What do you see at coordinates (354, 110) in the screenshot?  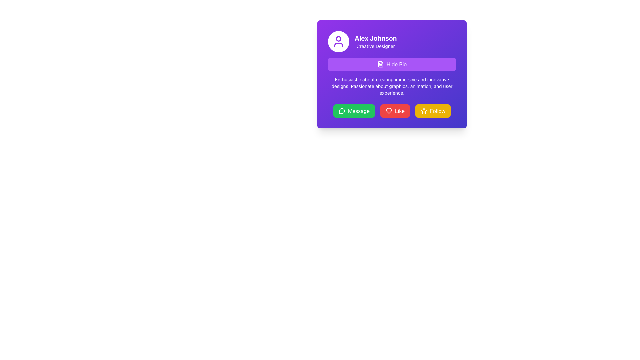 I see `the leftmost button in the row of three buttons below the user profile card` at bounding box center [354, 110].